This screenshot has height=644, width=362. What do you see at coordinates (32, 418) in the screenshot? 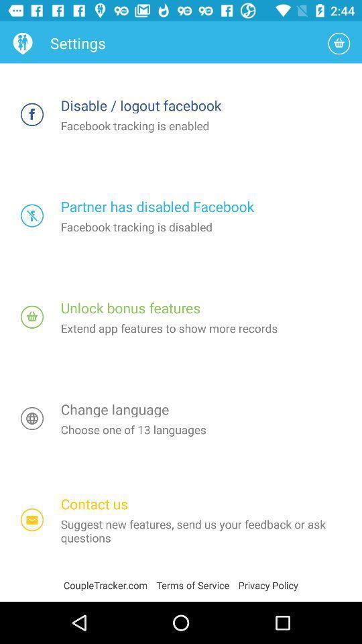
I see `change language` at bounding box center [32, 418].